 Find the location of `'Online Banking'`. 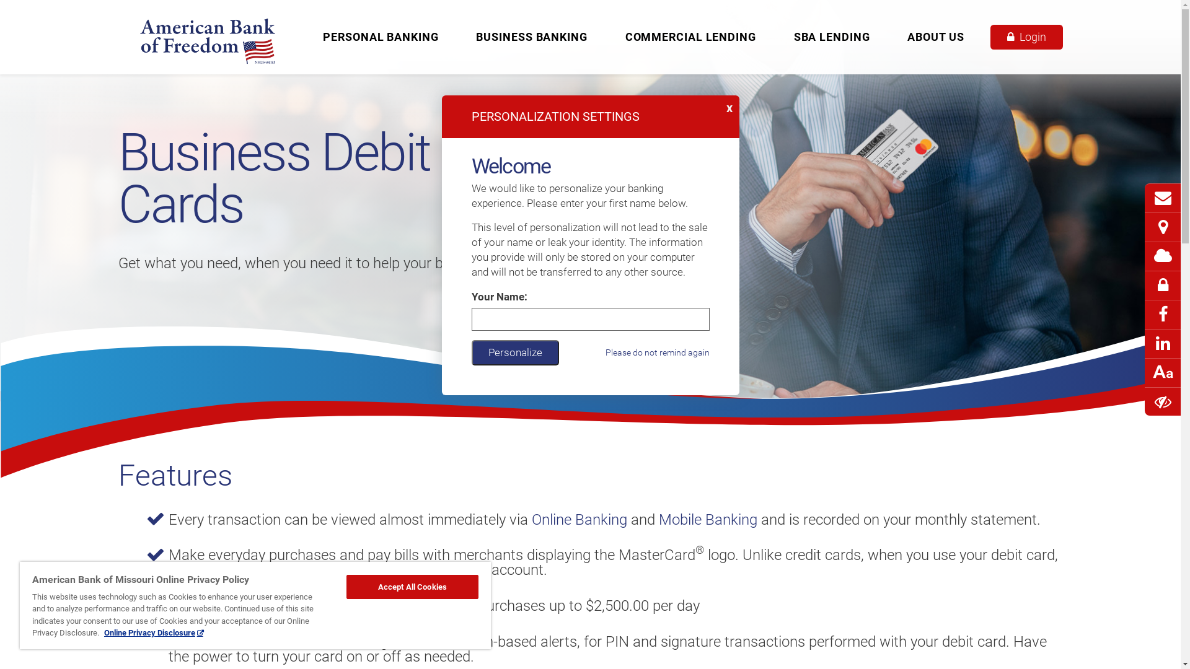

'Online Banking' is located at coordinates (532, 520).